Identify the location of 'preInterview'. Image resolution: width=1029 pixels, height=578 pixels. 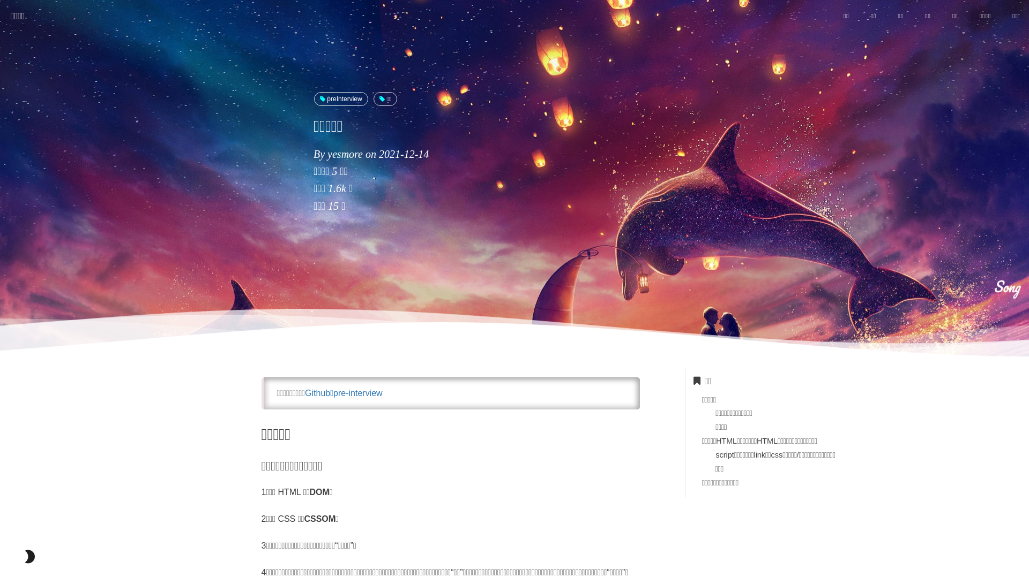
(340, 99).